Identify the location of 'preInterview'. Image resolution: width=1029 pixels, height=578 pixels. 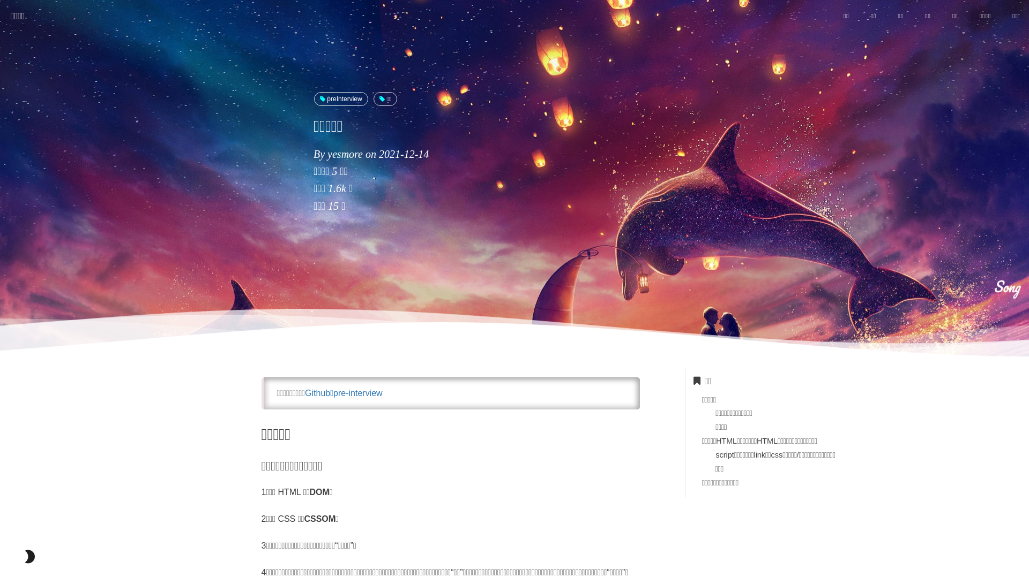
(340, 99).